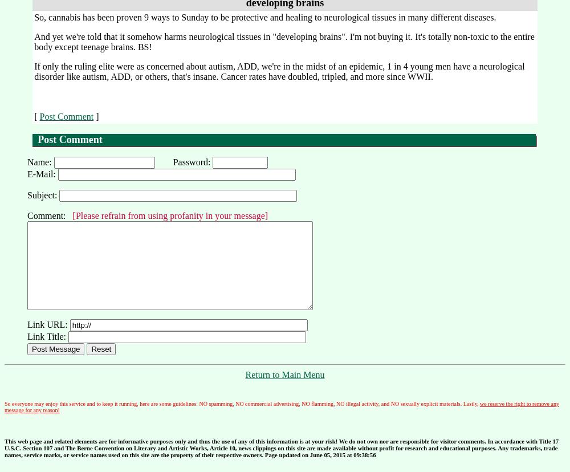 Image resolution: width=570 pixels, height=472 pixels. What do you see at coordinates (34, 71) in the screenshot?
I see `'If only the ruling elite were as concerned about autism, ADD, we're in the midst of an epidemic, 1 in 4 young men have a neurological disorder like autism, ADD, or others, that's insane.  Cancer rates have doubled, tripled, and more since WWII.'` at bounding box center [34, 71].